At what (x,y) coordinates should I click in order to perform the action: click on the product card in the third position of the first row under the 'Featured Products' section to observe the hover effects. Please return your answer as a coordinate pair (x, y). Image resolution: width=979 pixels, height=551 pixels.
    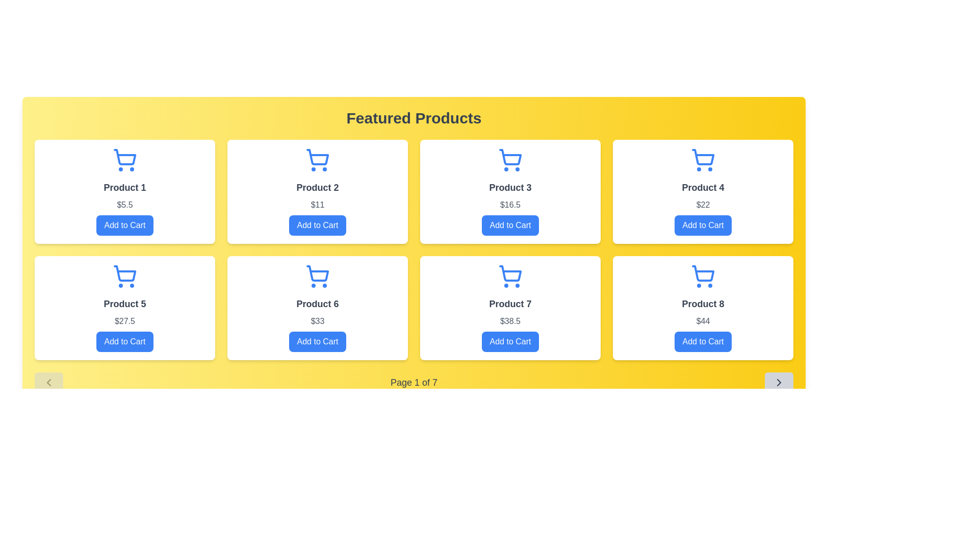
    Looking at the image, I should click on (510, 191).